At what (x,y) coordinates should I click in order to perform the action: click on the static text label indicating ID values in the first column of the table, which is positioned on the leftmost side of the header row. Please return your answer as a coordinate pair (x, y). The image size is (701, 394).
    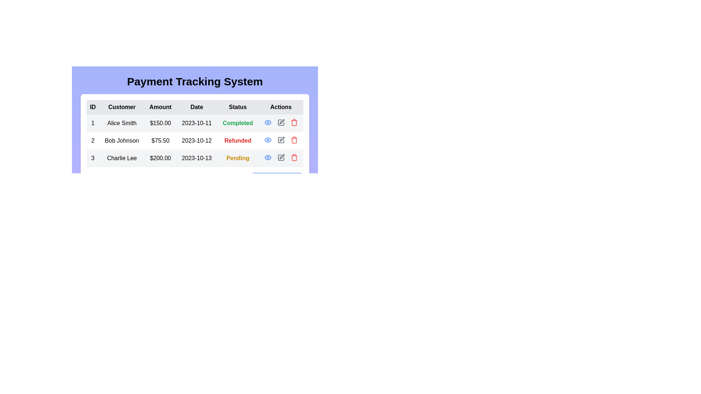
    Looking at the image, I should click on (92, 107).